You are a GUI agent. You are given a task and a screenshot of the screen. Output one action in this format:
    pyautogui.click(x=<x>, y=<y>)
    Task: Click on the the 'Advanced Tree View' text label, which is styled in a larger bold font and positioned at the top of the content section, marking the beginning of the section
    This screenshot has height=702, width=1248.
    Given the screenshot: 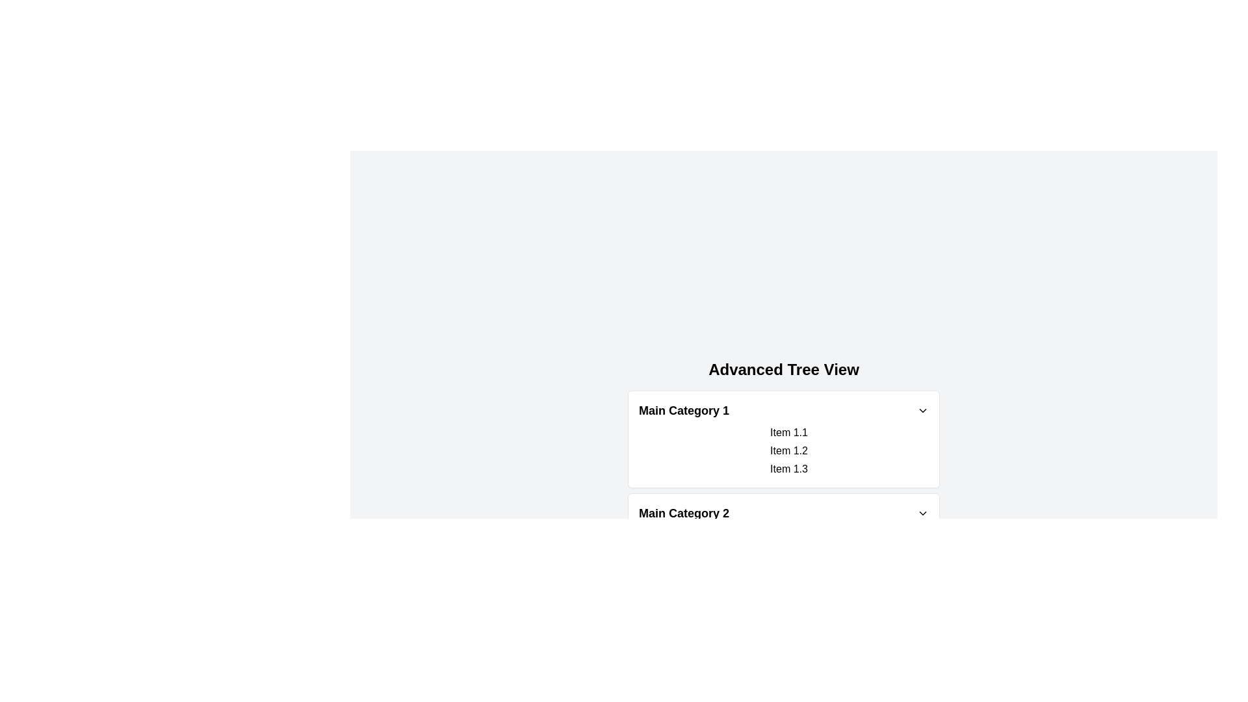 What is the action you would take?
    pyautogui.click(x=783, y=370)
    